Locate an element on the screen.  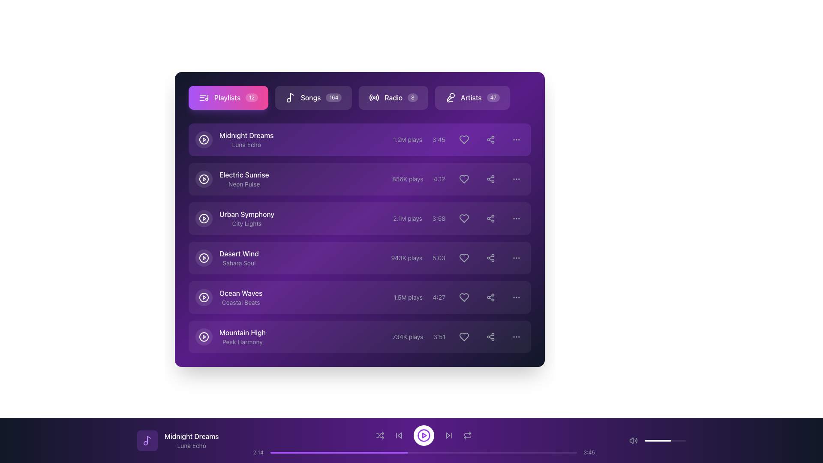
the third interactive button in the row associated with the item 'Urban Symphony' is located at coordinates (516, 218).